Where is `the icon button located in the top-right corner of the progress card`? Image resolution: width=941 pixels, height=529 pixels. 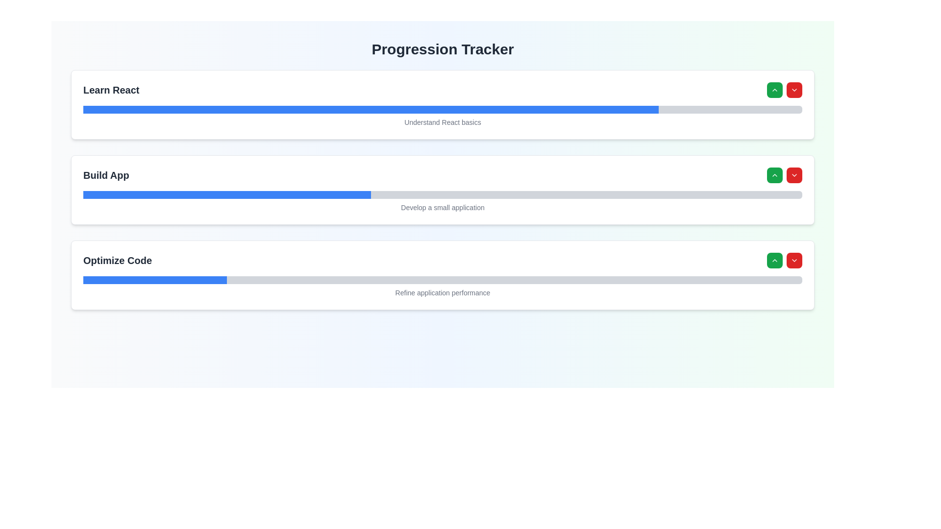 the icon button located in the top-right corner of the progress card is located at coordinates (794, 175).